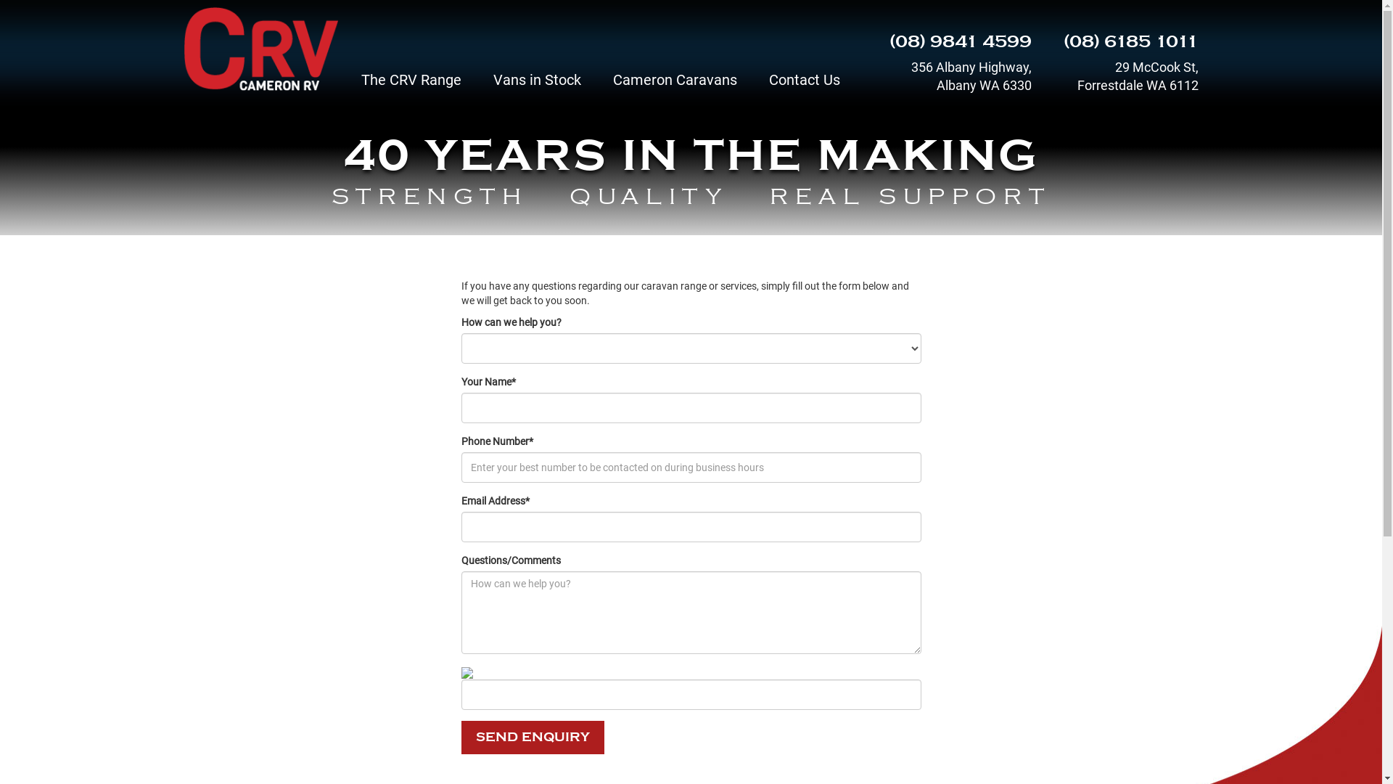 This screenshot has width=1393, height=784. What do you see at coordinates (532, 737) in the screenshot?
I see `'SEND ENQUIRY'` at bounding box center [532, 737].